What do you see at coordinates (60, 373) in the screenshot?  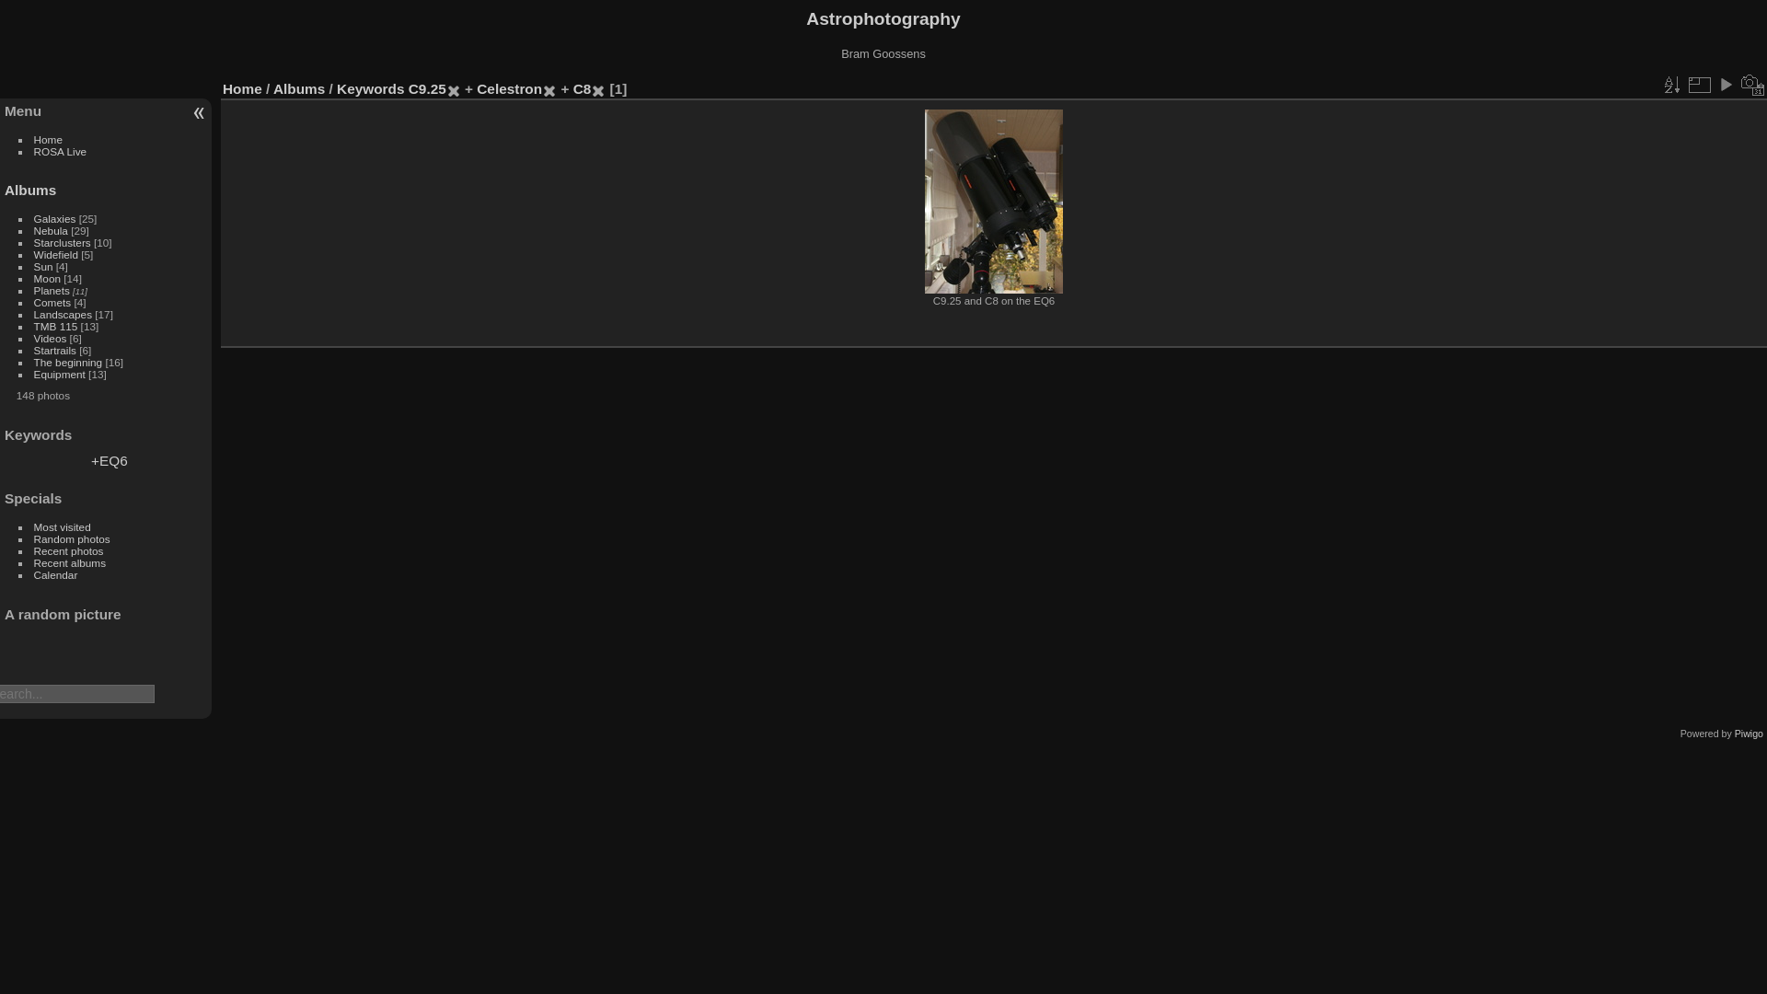 I see `'Equipment'` at bounding box center [60, 373].